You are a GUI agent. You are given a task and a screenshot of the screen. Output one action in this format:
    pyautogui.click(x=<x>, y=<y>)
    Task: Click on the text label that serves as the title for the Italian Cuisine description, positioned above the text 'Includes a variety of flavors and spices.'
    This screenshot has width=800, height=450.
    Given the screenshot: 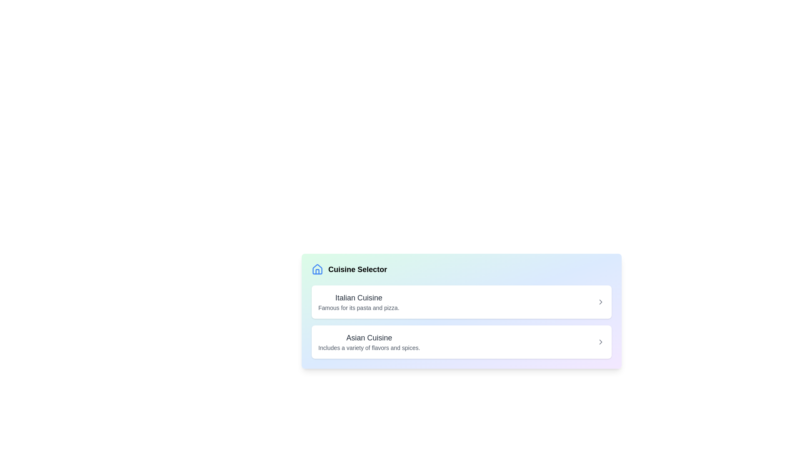 What is the action you would take?
    pyautogui.click(x=369, y=337)
    